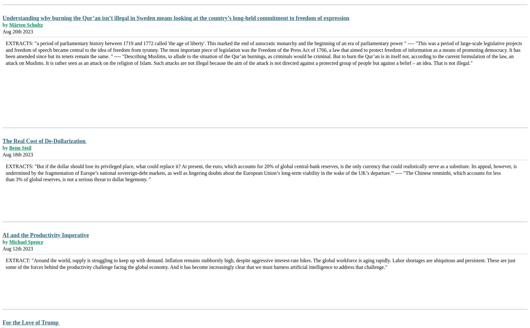 This screenshot has width=530, height=328. What do you see at coordinates (18, 154) in the screenshot?
I see `'Aug 18th 2023'` at bounding box center [18, 154].